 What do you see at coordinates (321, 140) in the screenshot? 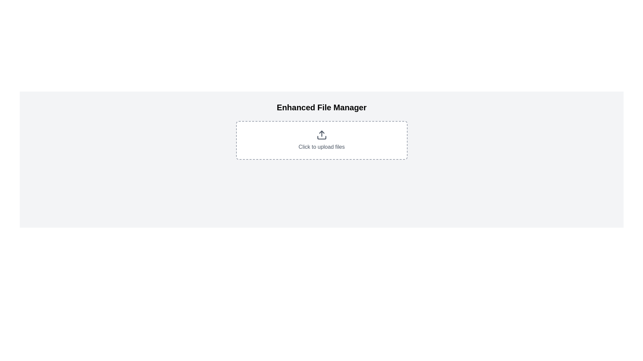
I see `the clickable file upload box located below the 'Enhanced File Manager' heading` at bounding box center [321, 140].